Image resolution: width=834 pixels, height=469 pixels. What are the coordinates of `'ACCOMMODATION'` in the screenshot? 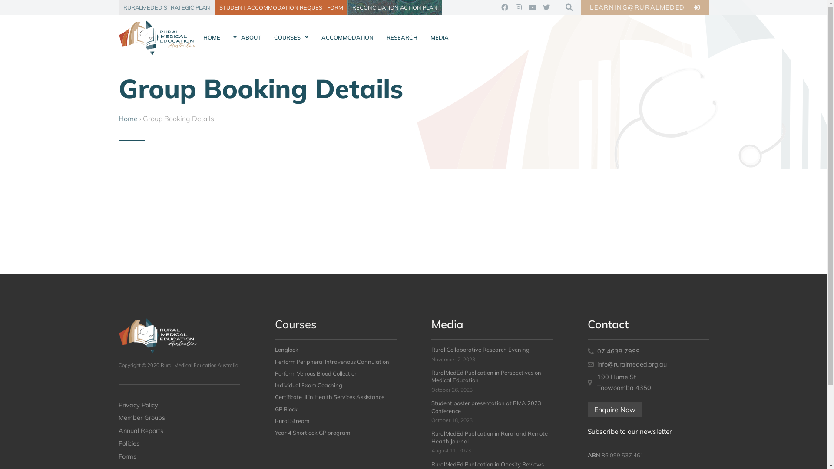 It's located at (346, 37).